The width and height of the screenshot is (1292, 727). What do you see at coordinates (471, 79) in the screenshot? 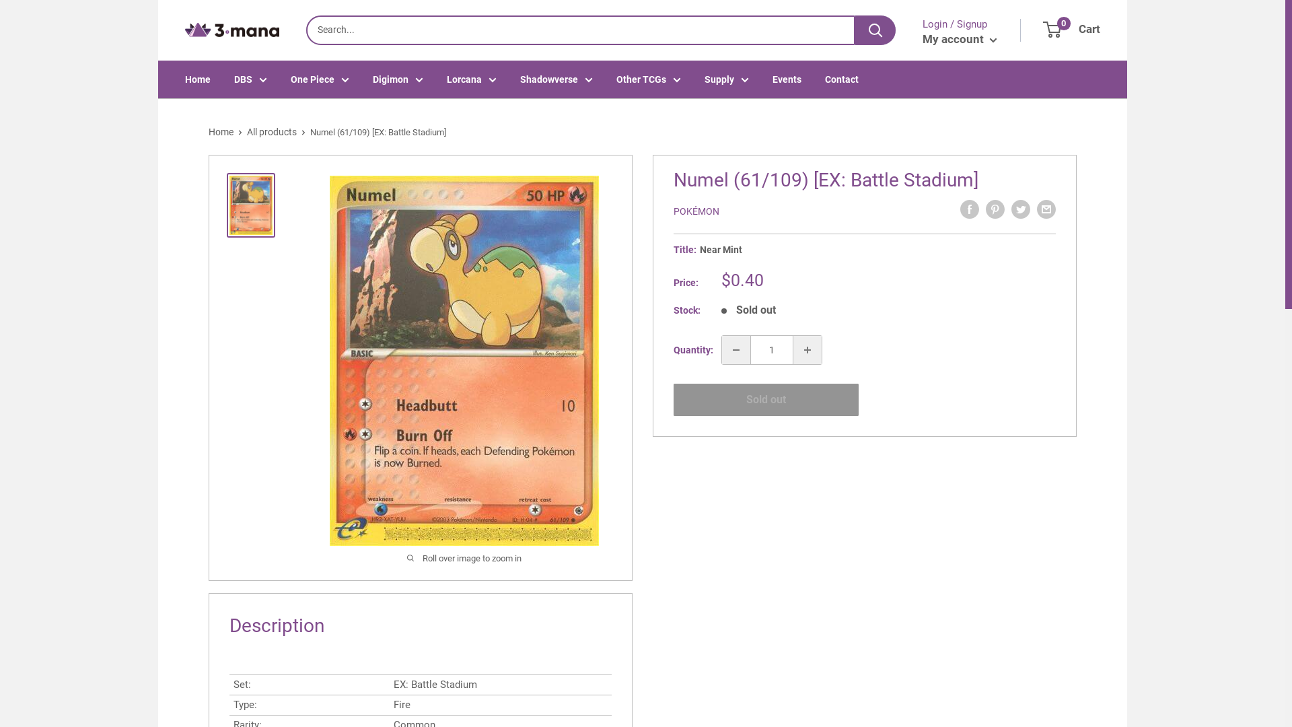
I see `'Lorcana'` at bounding box center [471, 79].